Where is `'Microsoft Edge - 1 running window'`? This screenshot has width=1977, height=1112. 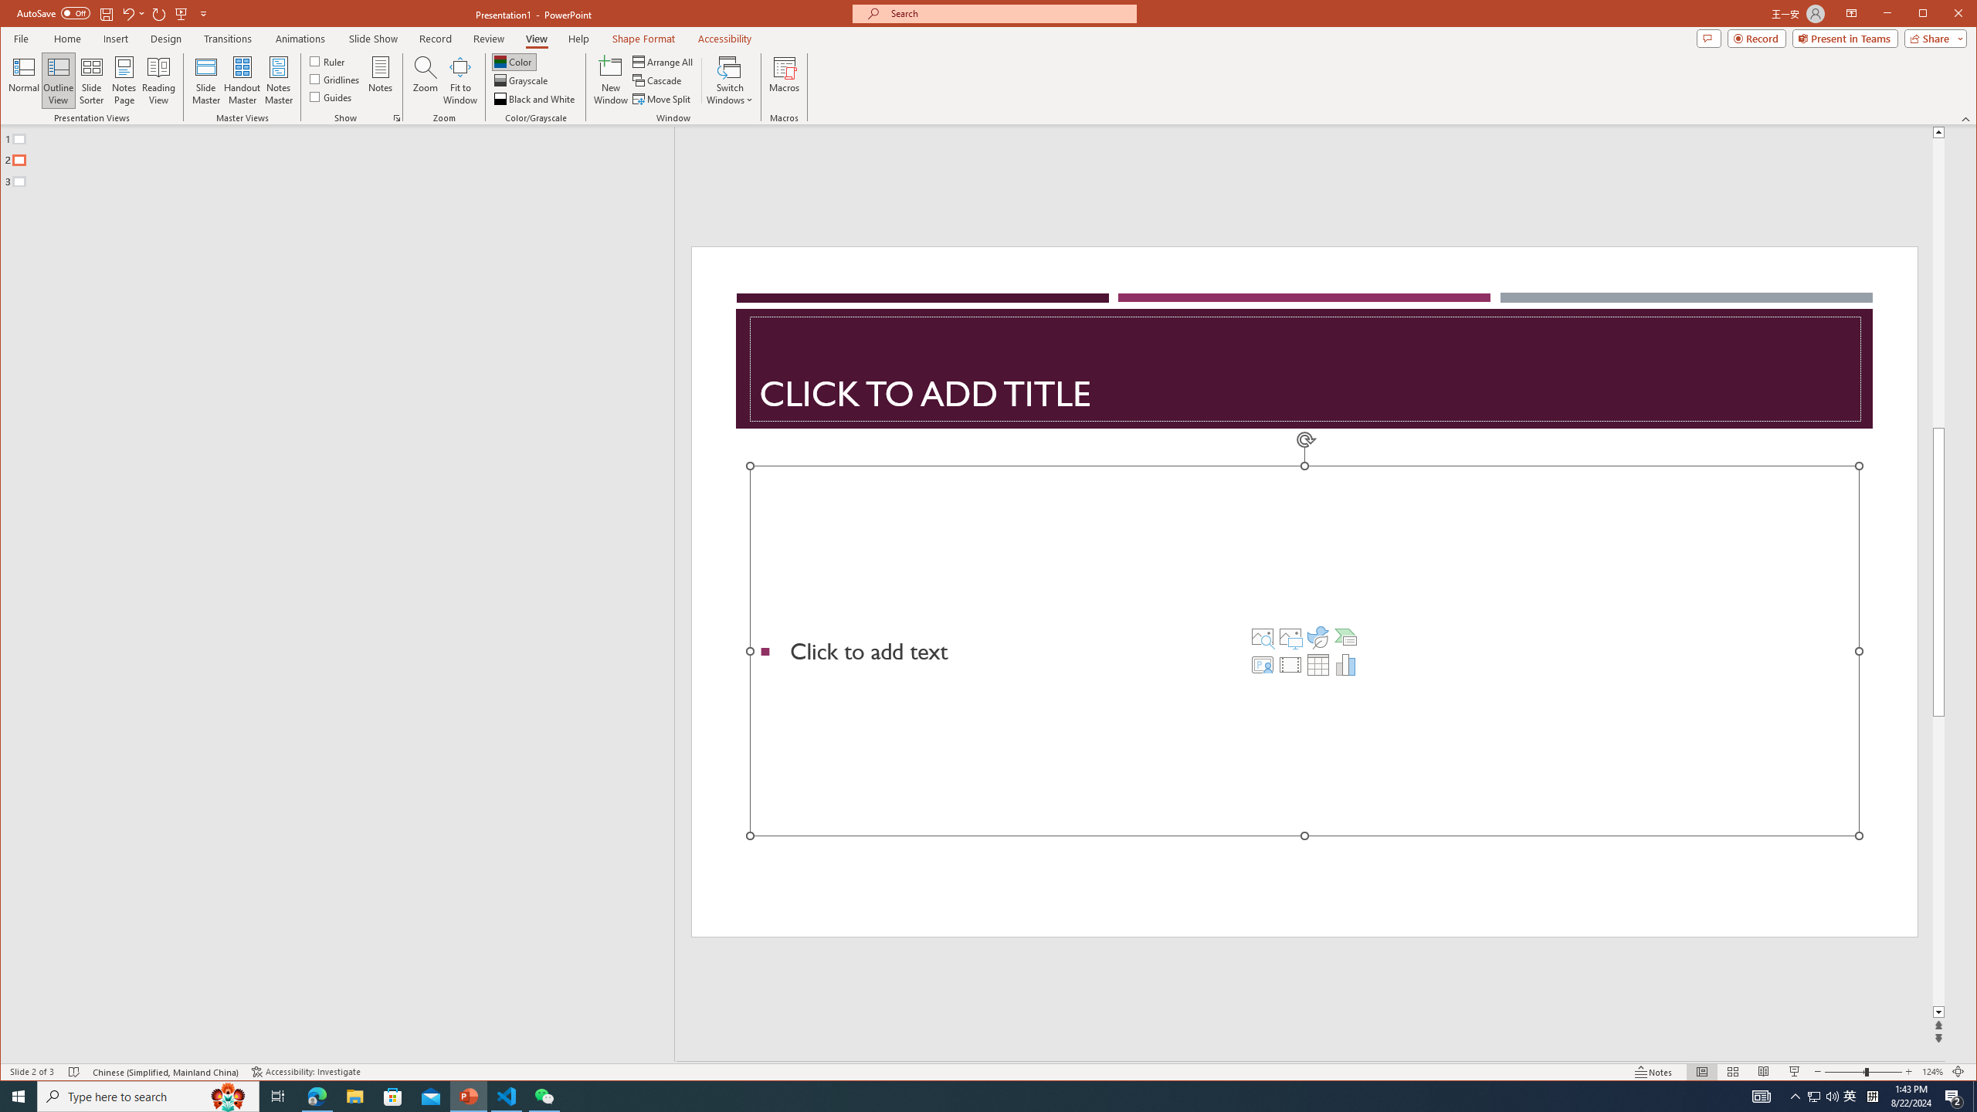
'Microsoft Edge - 1 running window' is located at coordinates (316, 1095).